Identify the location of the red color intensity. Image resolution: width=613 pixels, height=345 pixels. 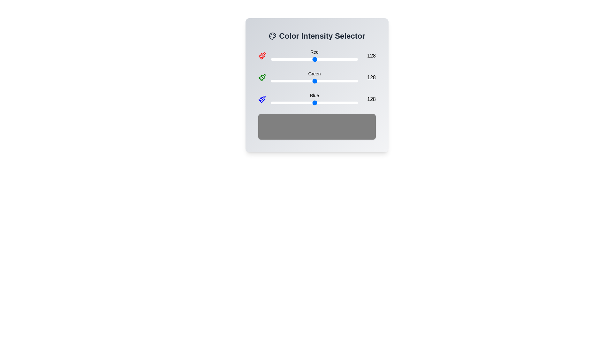
(301, 59).